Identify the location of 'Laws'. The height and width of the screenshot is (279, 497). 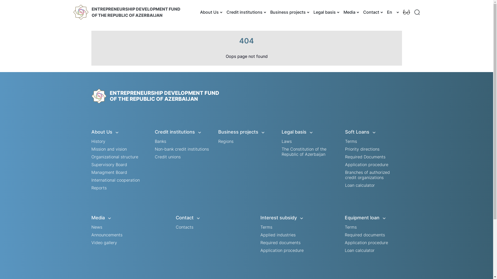
(286, 141).